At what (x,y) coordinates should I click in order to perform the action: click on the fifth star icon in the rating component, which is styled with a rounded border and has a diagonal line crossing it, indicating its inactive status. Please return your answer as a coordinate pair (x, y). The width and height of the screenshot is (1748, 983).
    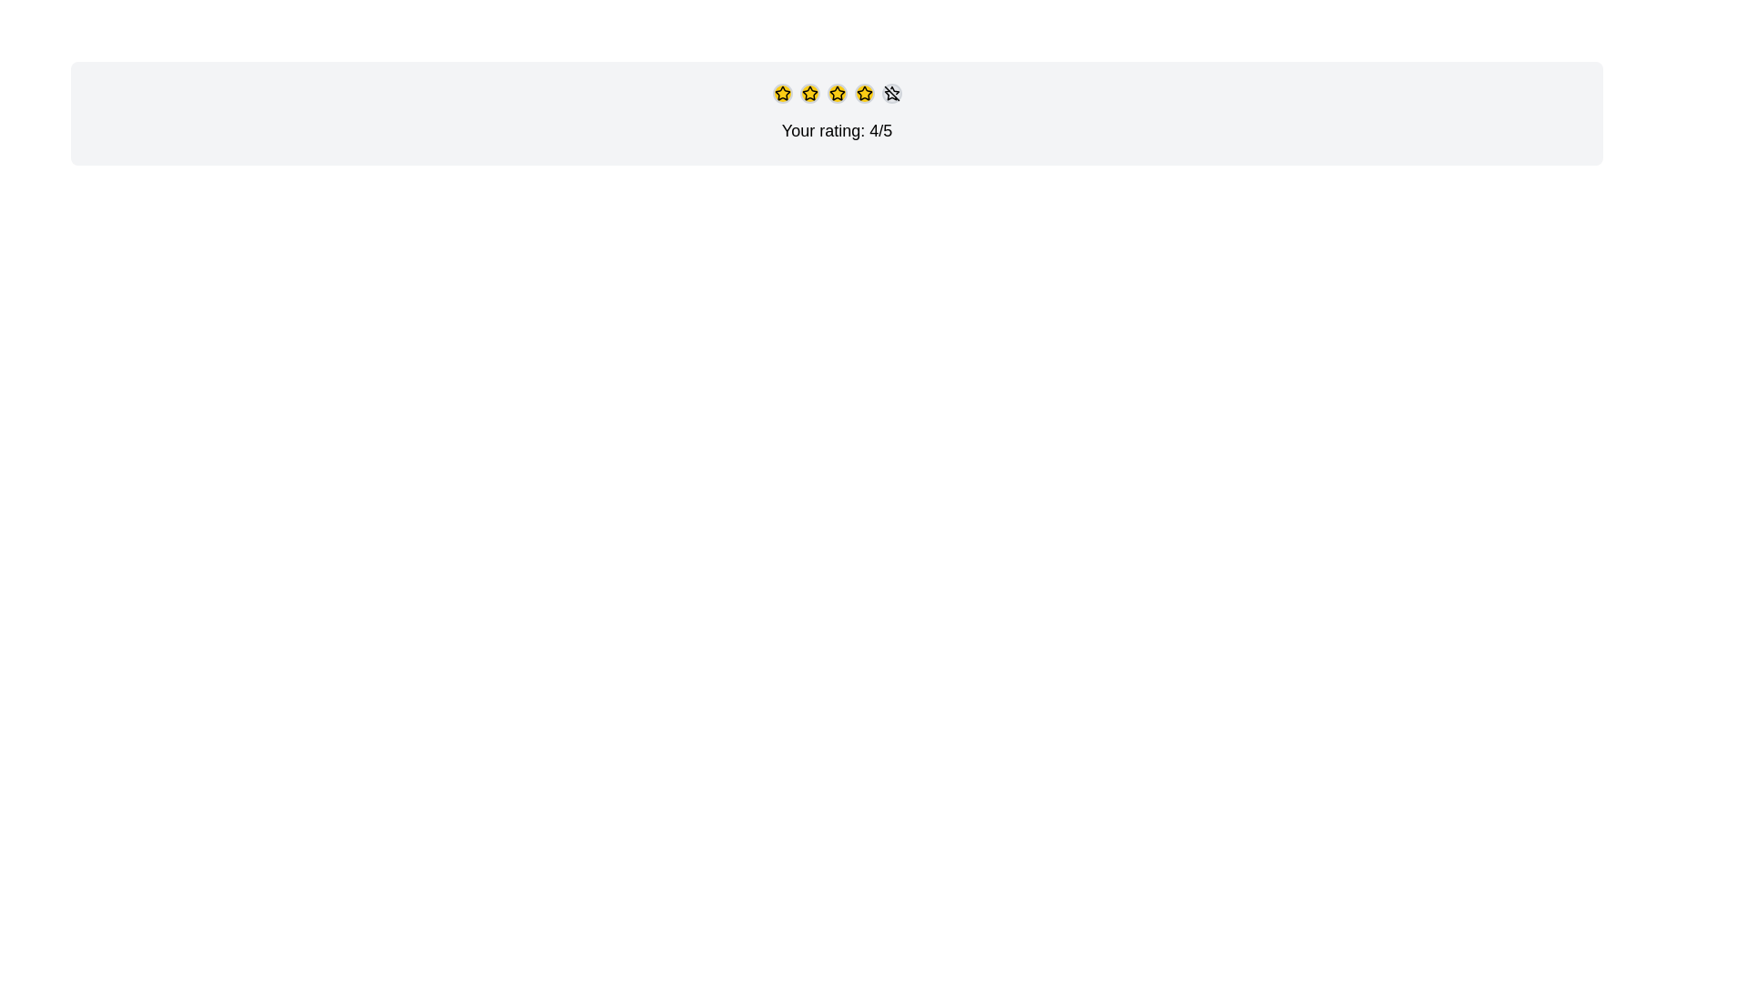
    Looking at the image, I should click on (891, 94).